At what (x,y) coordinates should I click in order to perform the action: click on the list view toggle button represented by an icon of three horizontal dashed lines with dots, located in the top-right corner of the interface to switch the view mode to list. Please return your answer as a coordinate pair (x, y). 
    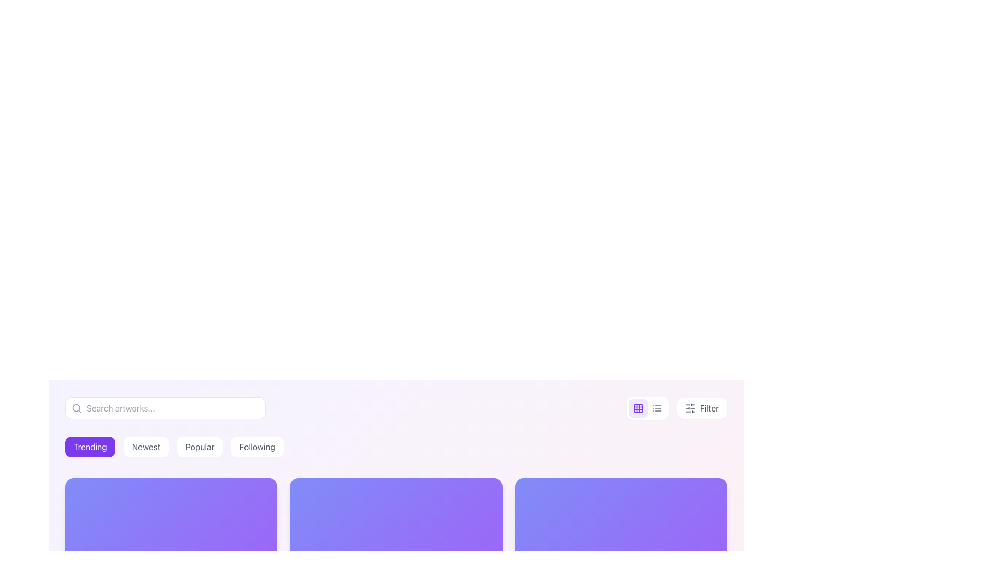
    Looking at the image, I should click on (656, 408).